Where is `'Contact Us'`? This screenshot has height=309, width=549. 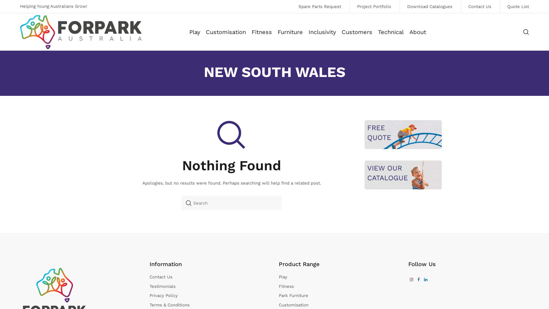
'Contact Us' is located at coordinates (480, 7).